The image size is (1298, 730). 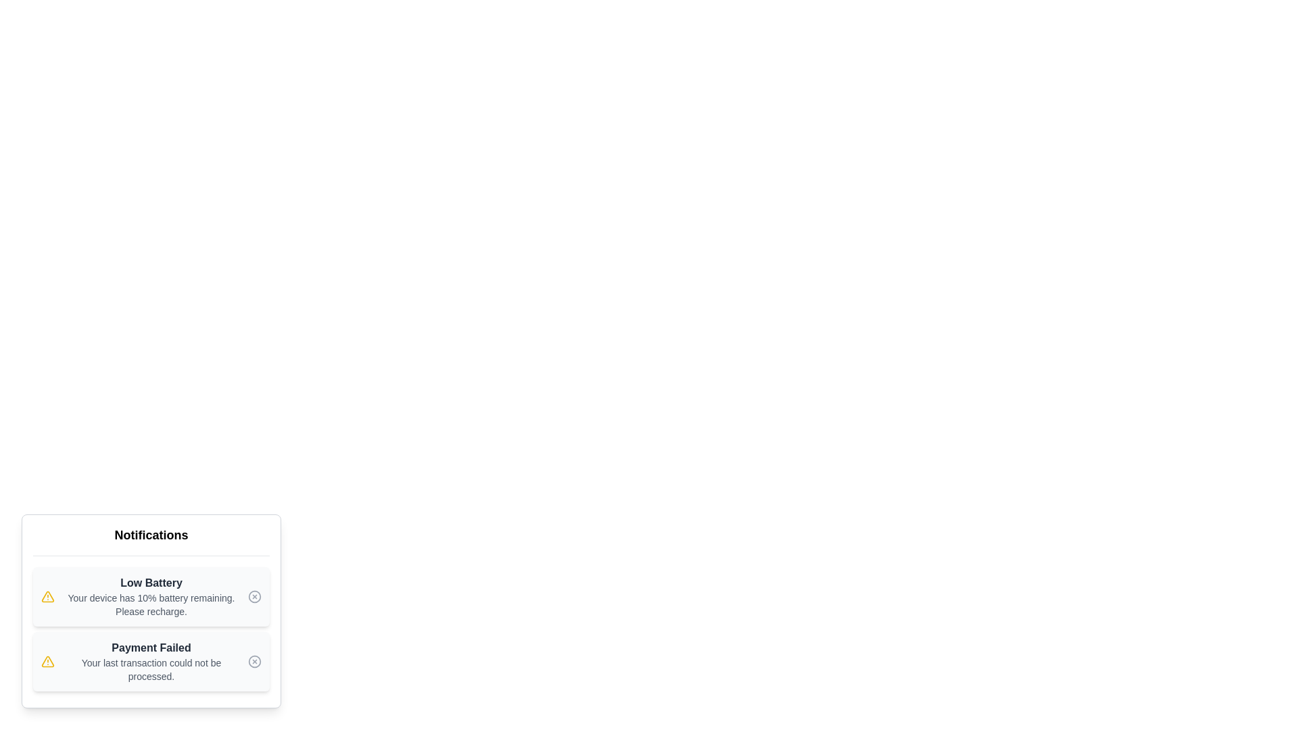 I want to click on the circular icon located in the second notification box, which indicates a failure or error, so click(x=255, y=596).